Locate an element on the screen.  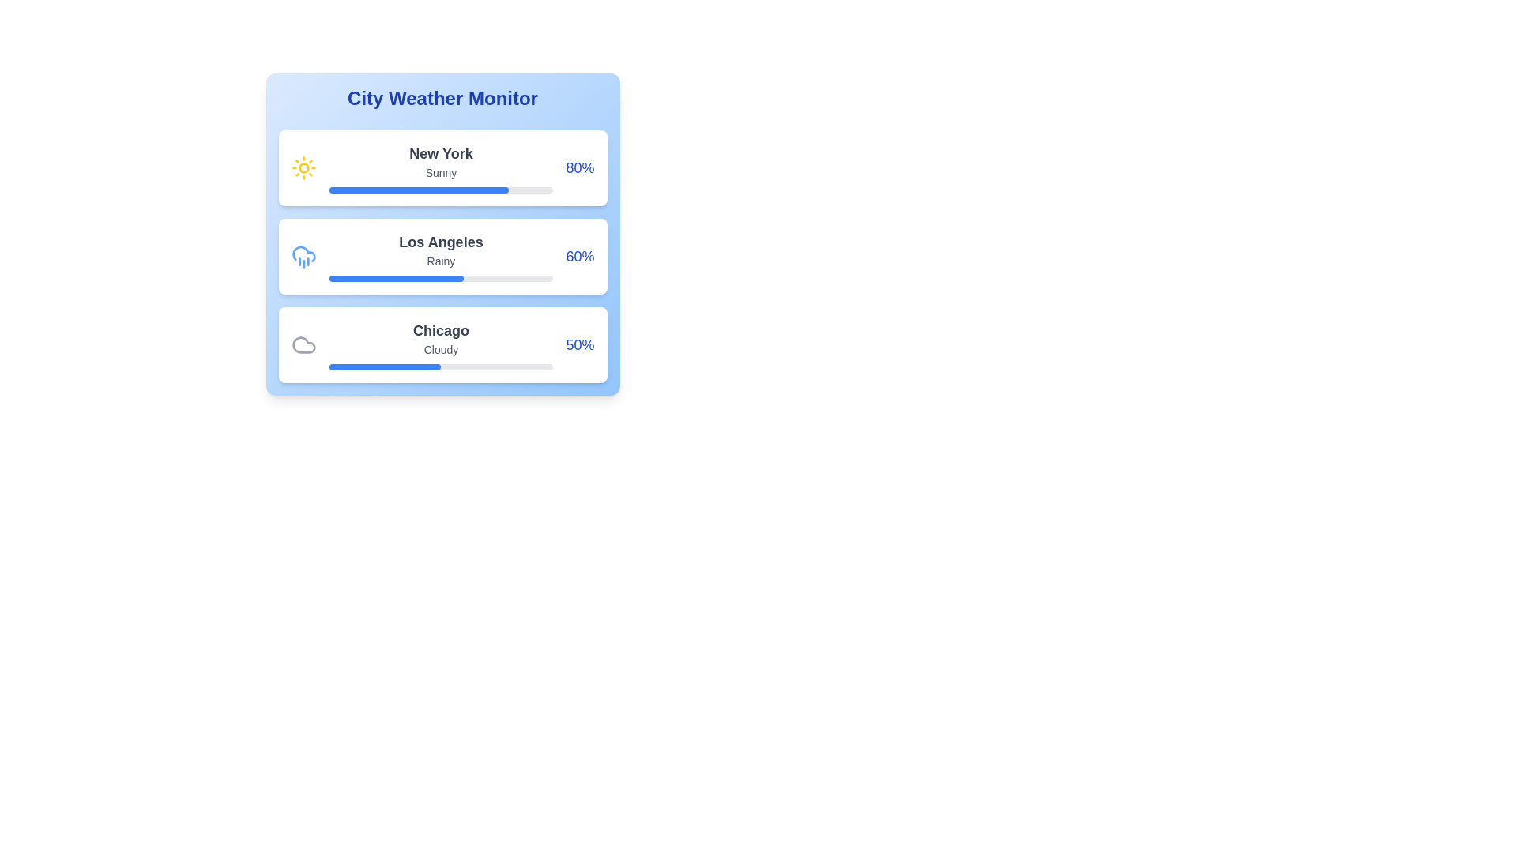
the static text element displaying 'New York', which is centrally positioned above the text 'Sunny' in the top weather information panel is located at coordinates (441, 154).